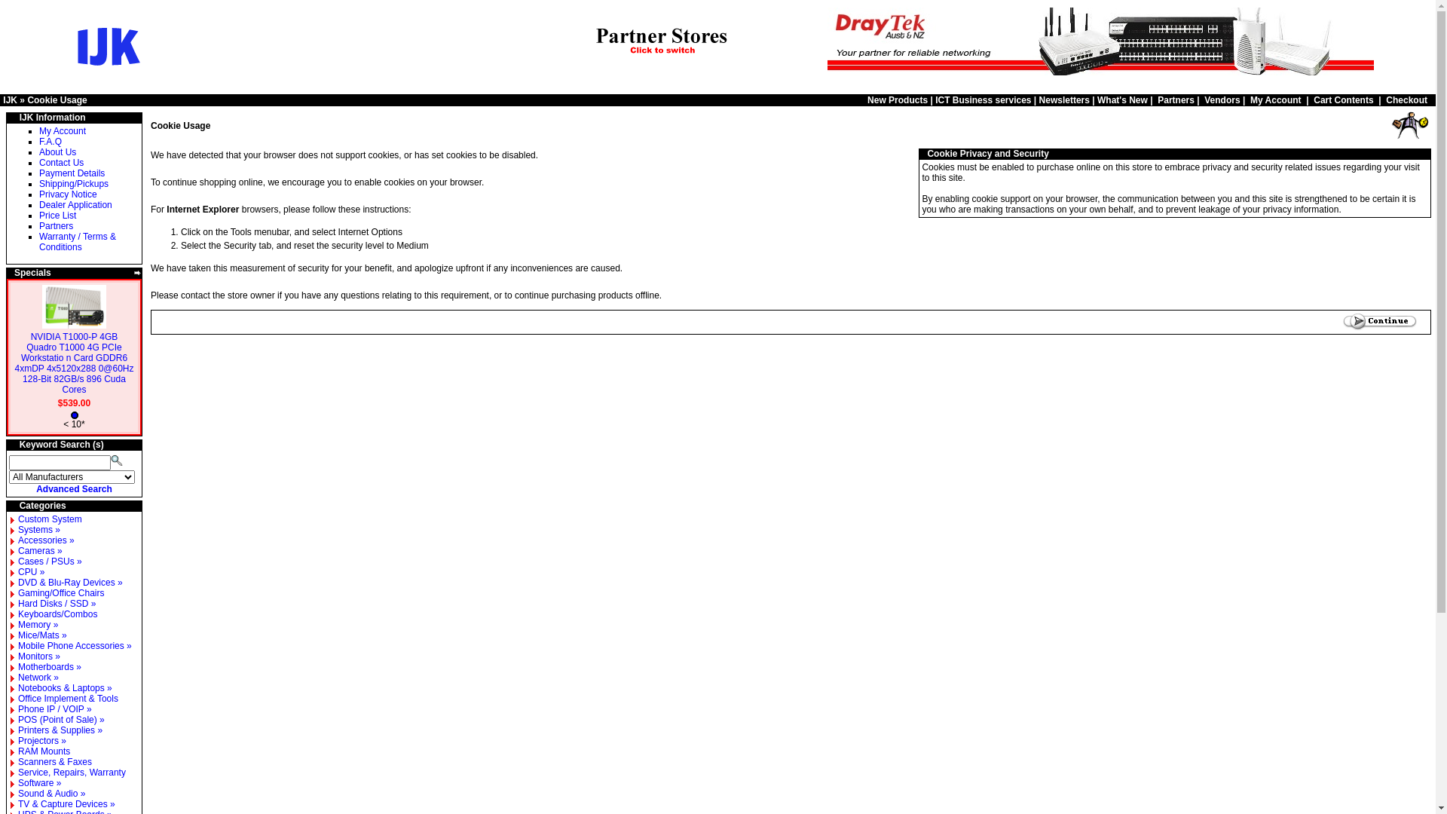  I want to click on ' Continue ', so click(1379, 321).